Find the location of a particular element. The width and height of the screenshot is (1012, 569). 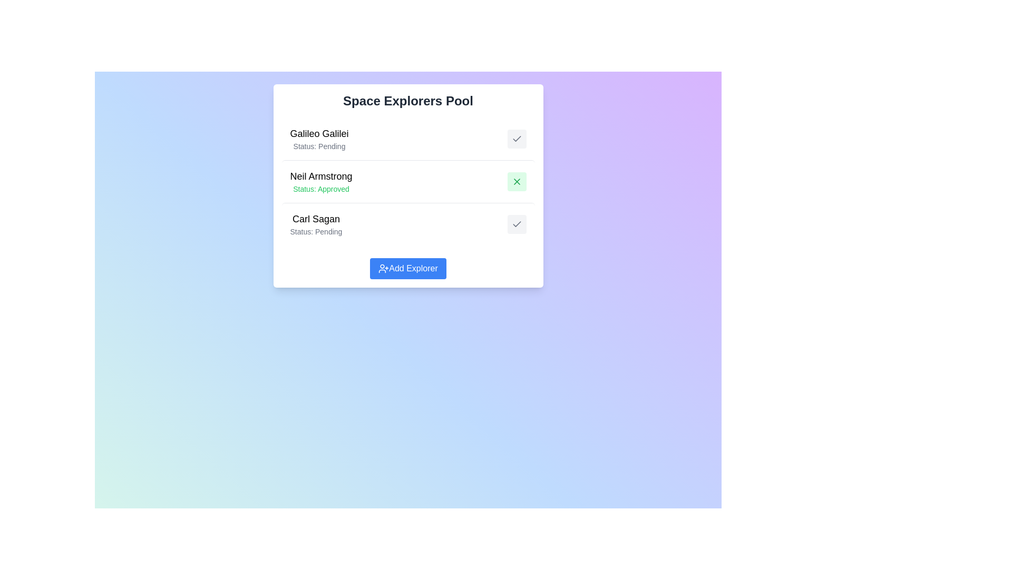

the text label that represents a name in the first row of a vertically arranged list, positioned above the 'Status: Pending' text and right-aligned with other textual elements is located at coordinates (318, 133).